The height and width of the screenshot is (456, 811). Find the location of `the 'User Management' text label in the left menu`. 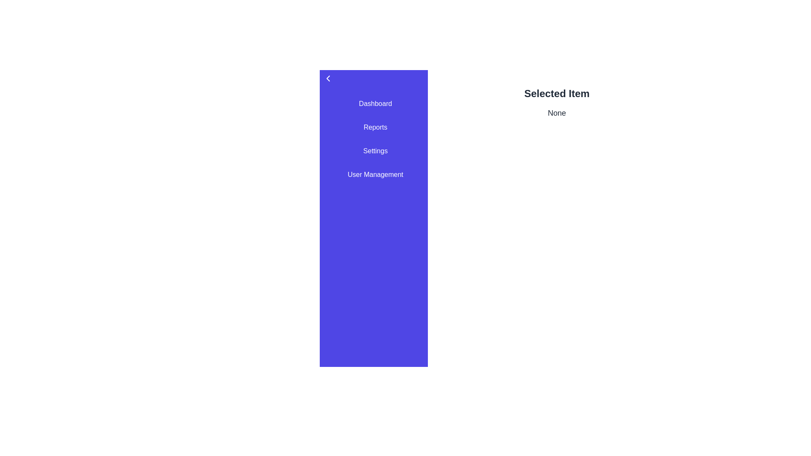

the 'User Management' text label in the left menu is located at coordinates (375, 174).